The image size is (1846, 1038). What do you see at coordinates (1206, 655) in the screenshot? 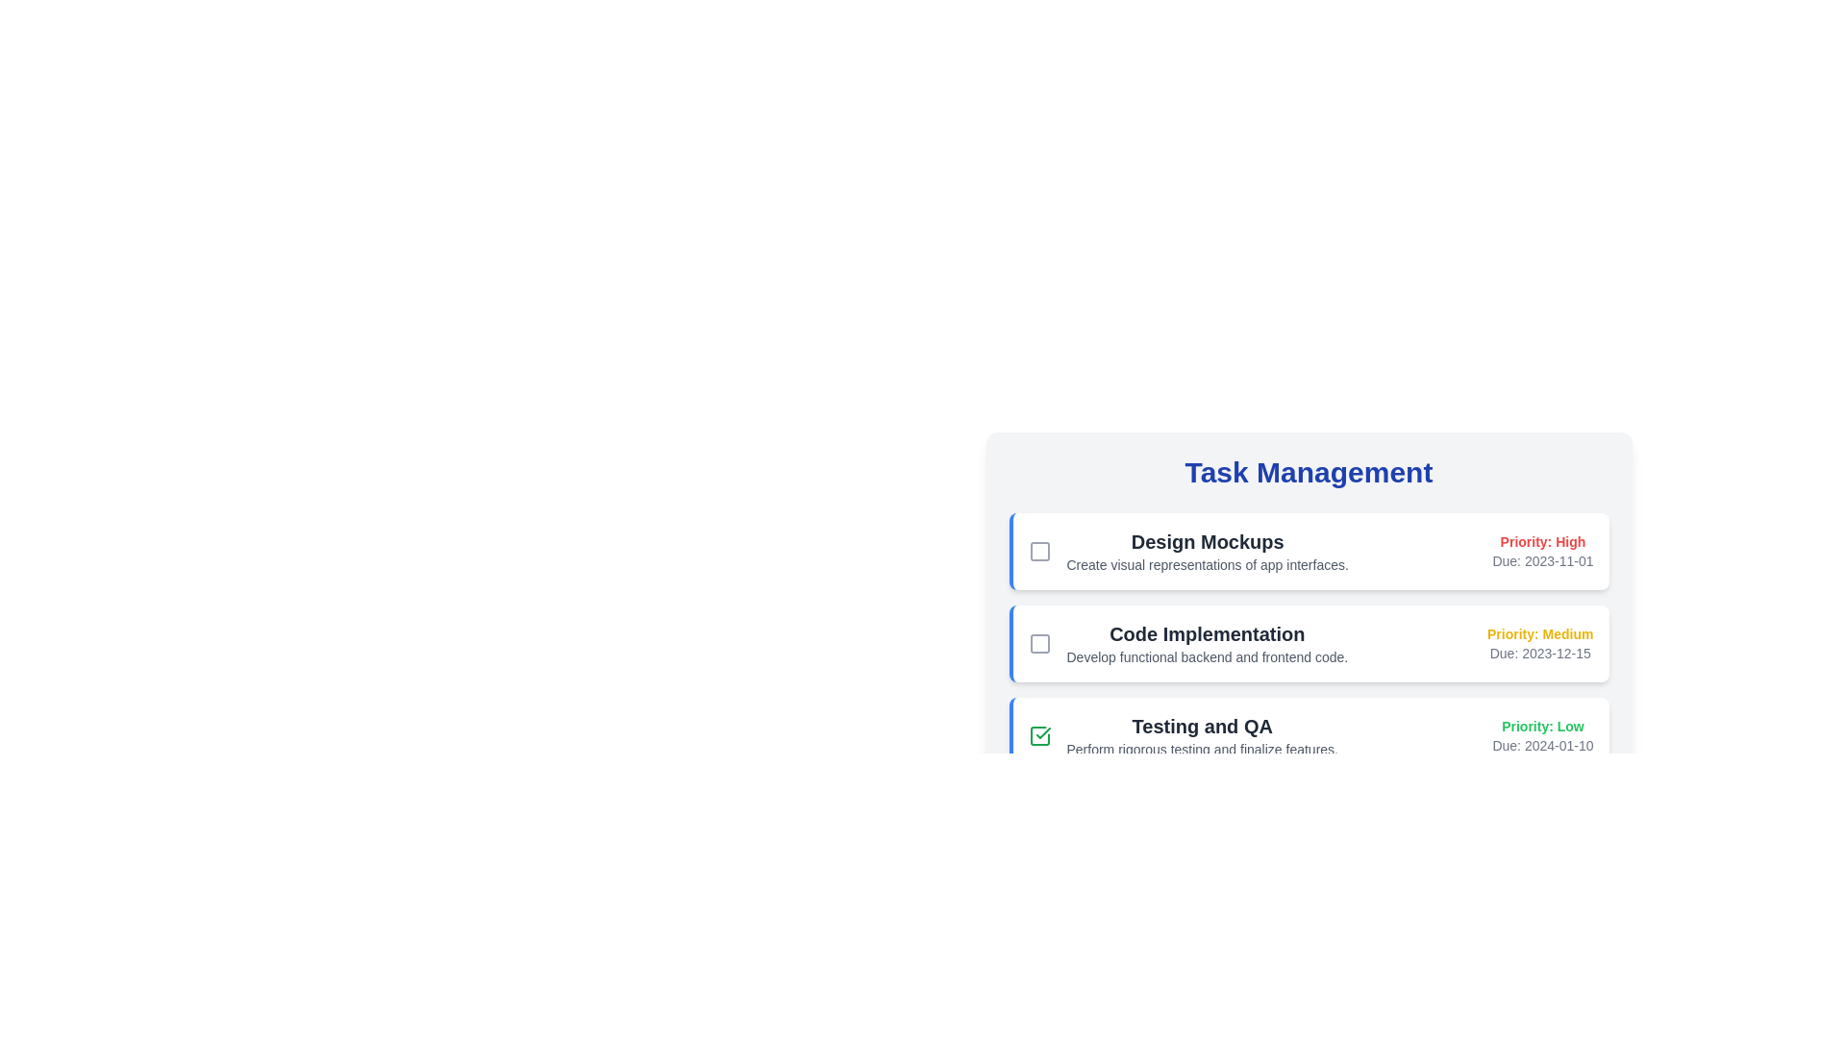
I see `the text label that describes the task labeled 'Code Implementation', located beneath the main heading and horizontally aligned with other components` at bounding box center [1206, 655].